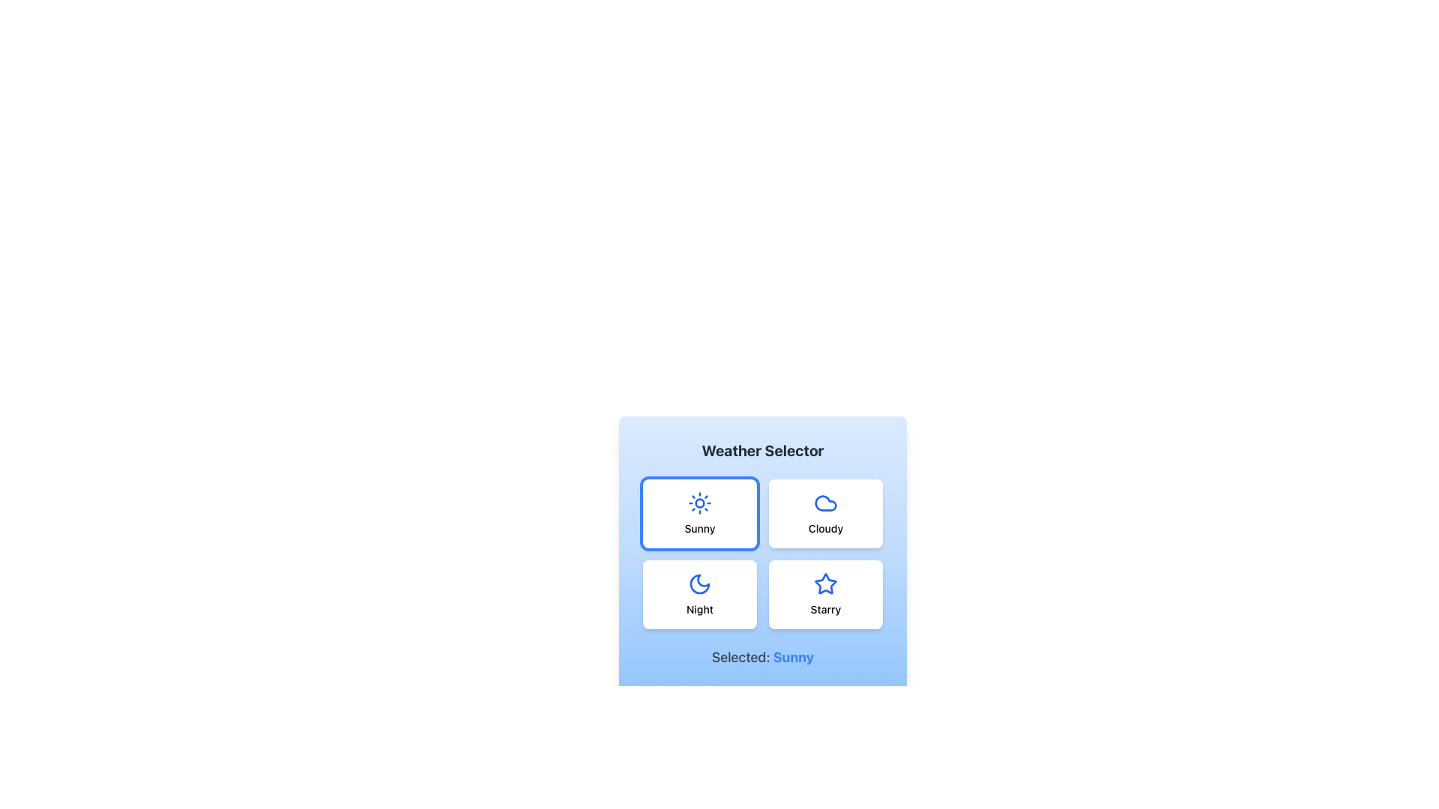 The image size is (1439, 809). Describe the element at coordinates (762, 657) in the screenshot. I see `the Static Text Label displaying 'Selected: Sunny' in bold blue font at the bottom center of the 'Weather Selector' card` at that location.